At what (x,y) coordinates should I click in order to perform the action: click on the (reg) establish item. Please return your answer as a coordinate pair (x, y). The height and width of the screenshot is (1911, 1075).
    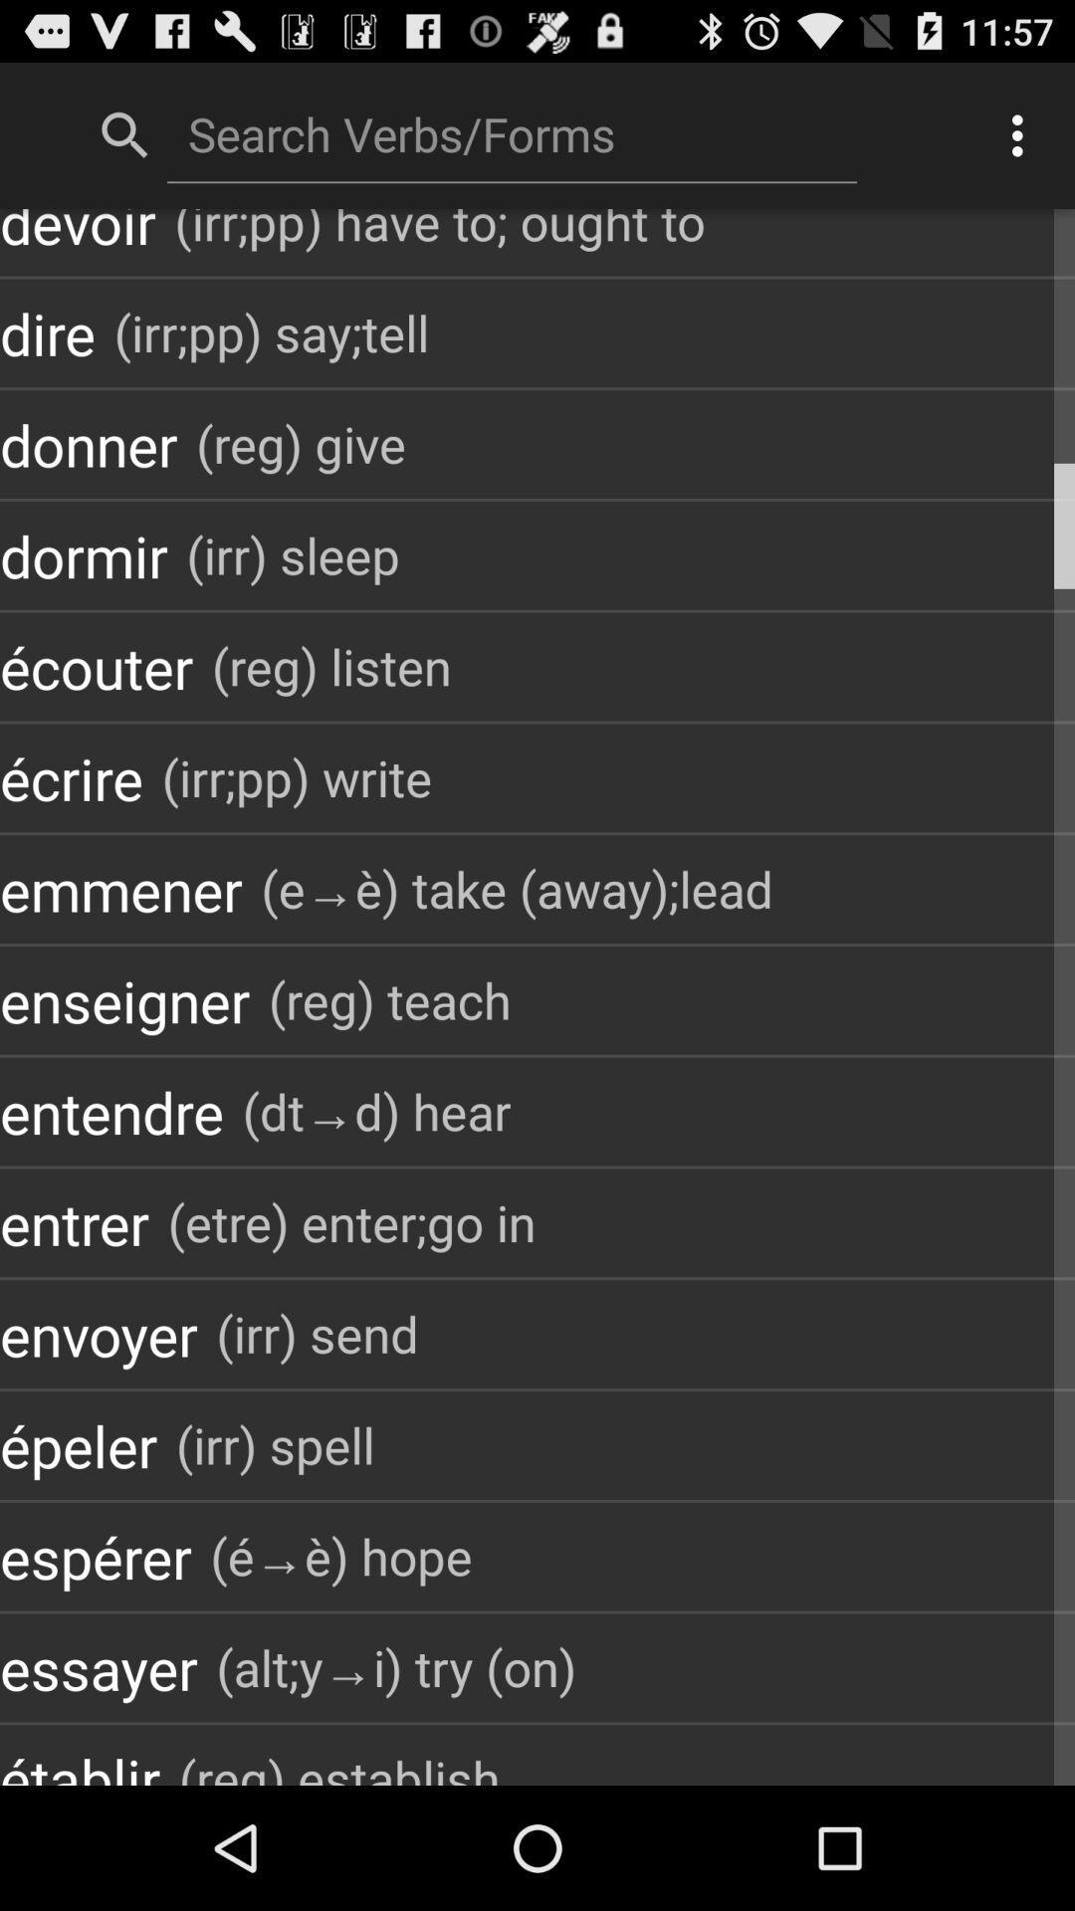
    Looking at the image, I should click on (338, 1763).